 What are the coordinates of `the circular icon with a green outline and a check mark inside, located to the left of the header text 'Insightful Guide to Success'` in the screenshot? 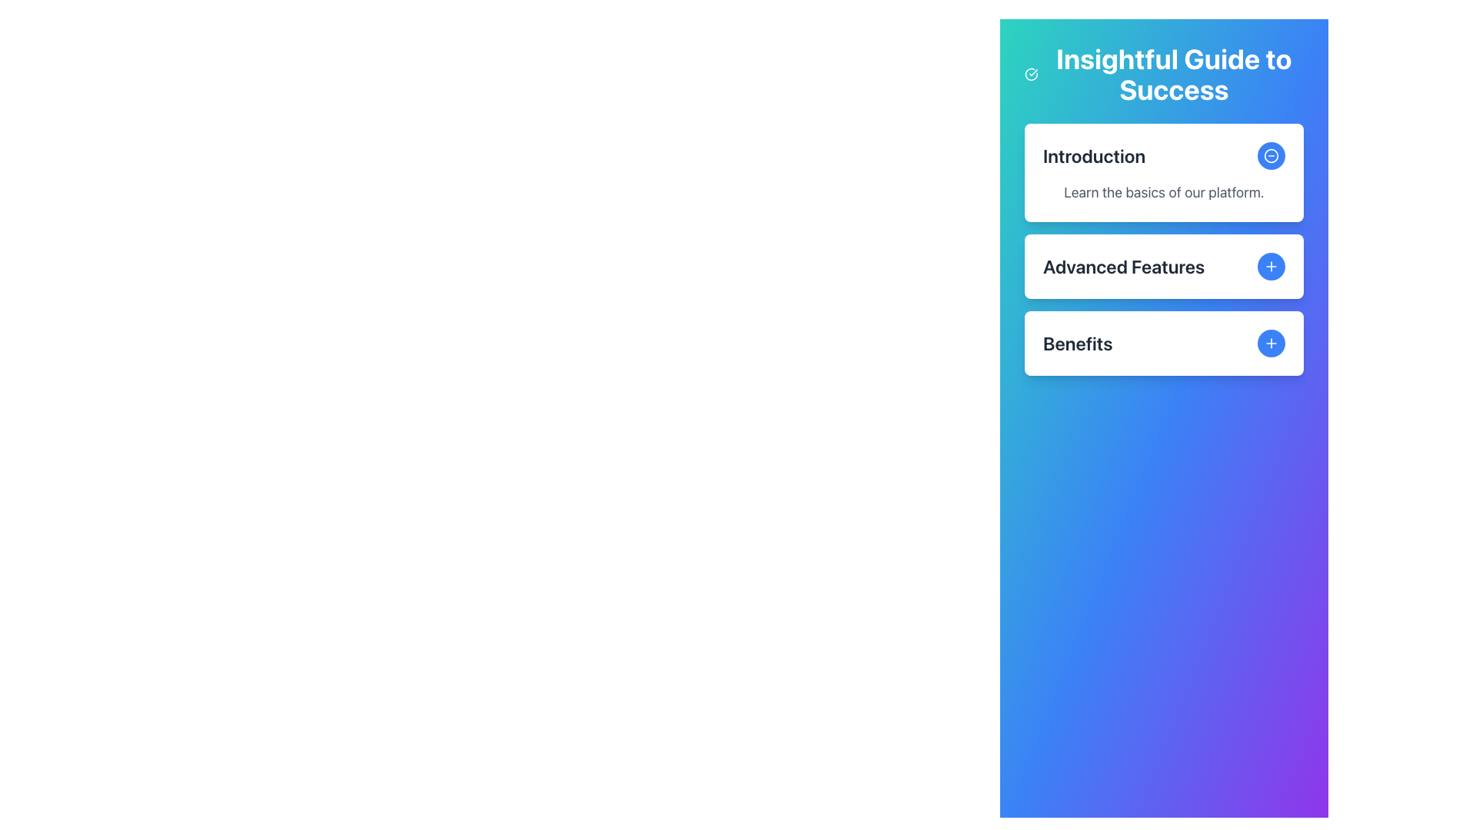 It's located at (1031, 74).